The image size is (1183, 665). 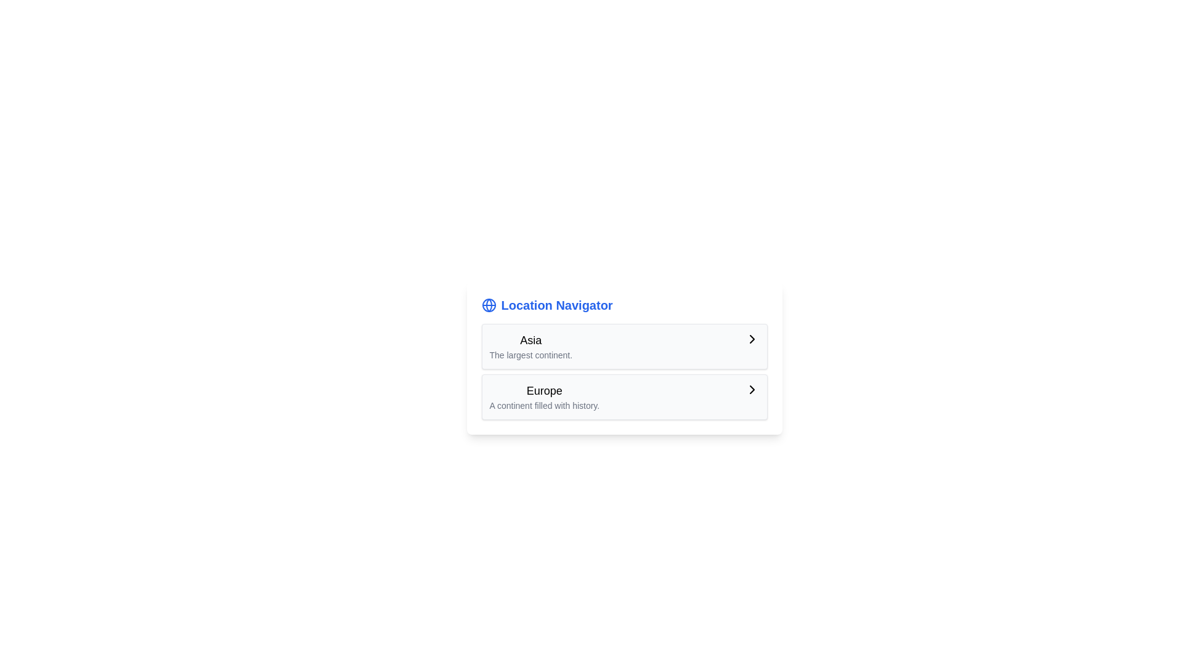 I want to click on the rightward-pointing chevron arrow icon located beside the text 'Europe' in the 'Location Navigator' panel, so click(x=751, y=389).